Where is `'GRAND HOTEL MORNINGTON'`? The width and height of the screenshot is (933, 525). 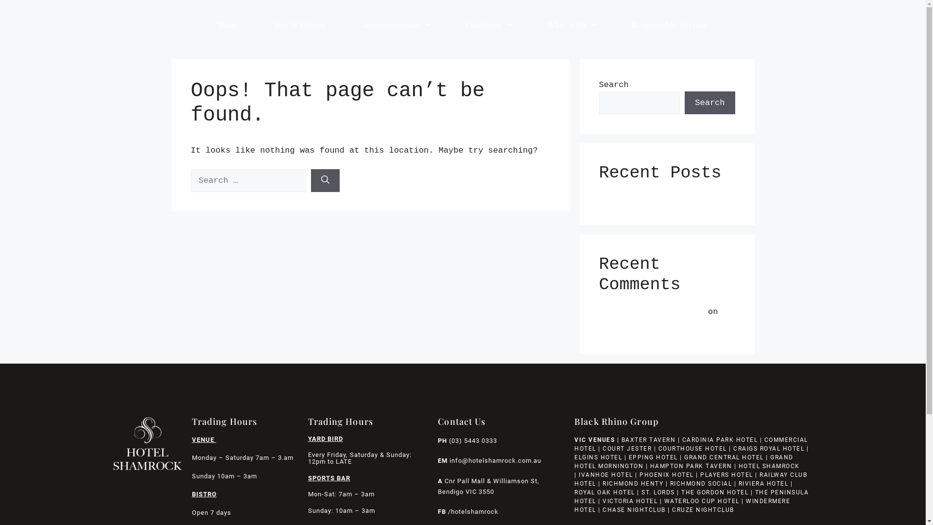 'GRAND HOTEL MORNINGTON' is located at coordinates (683, 461).